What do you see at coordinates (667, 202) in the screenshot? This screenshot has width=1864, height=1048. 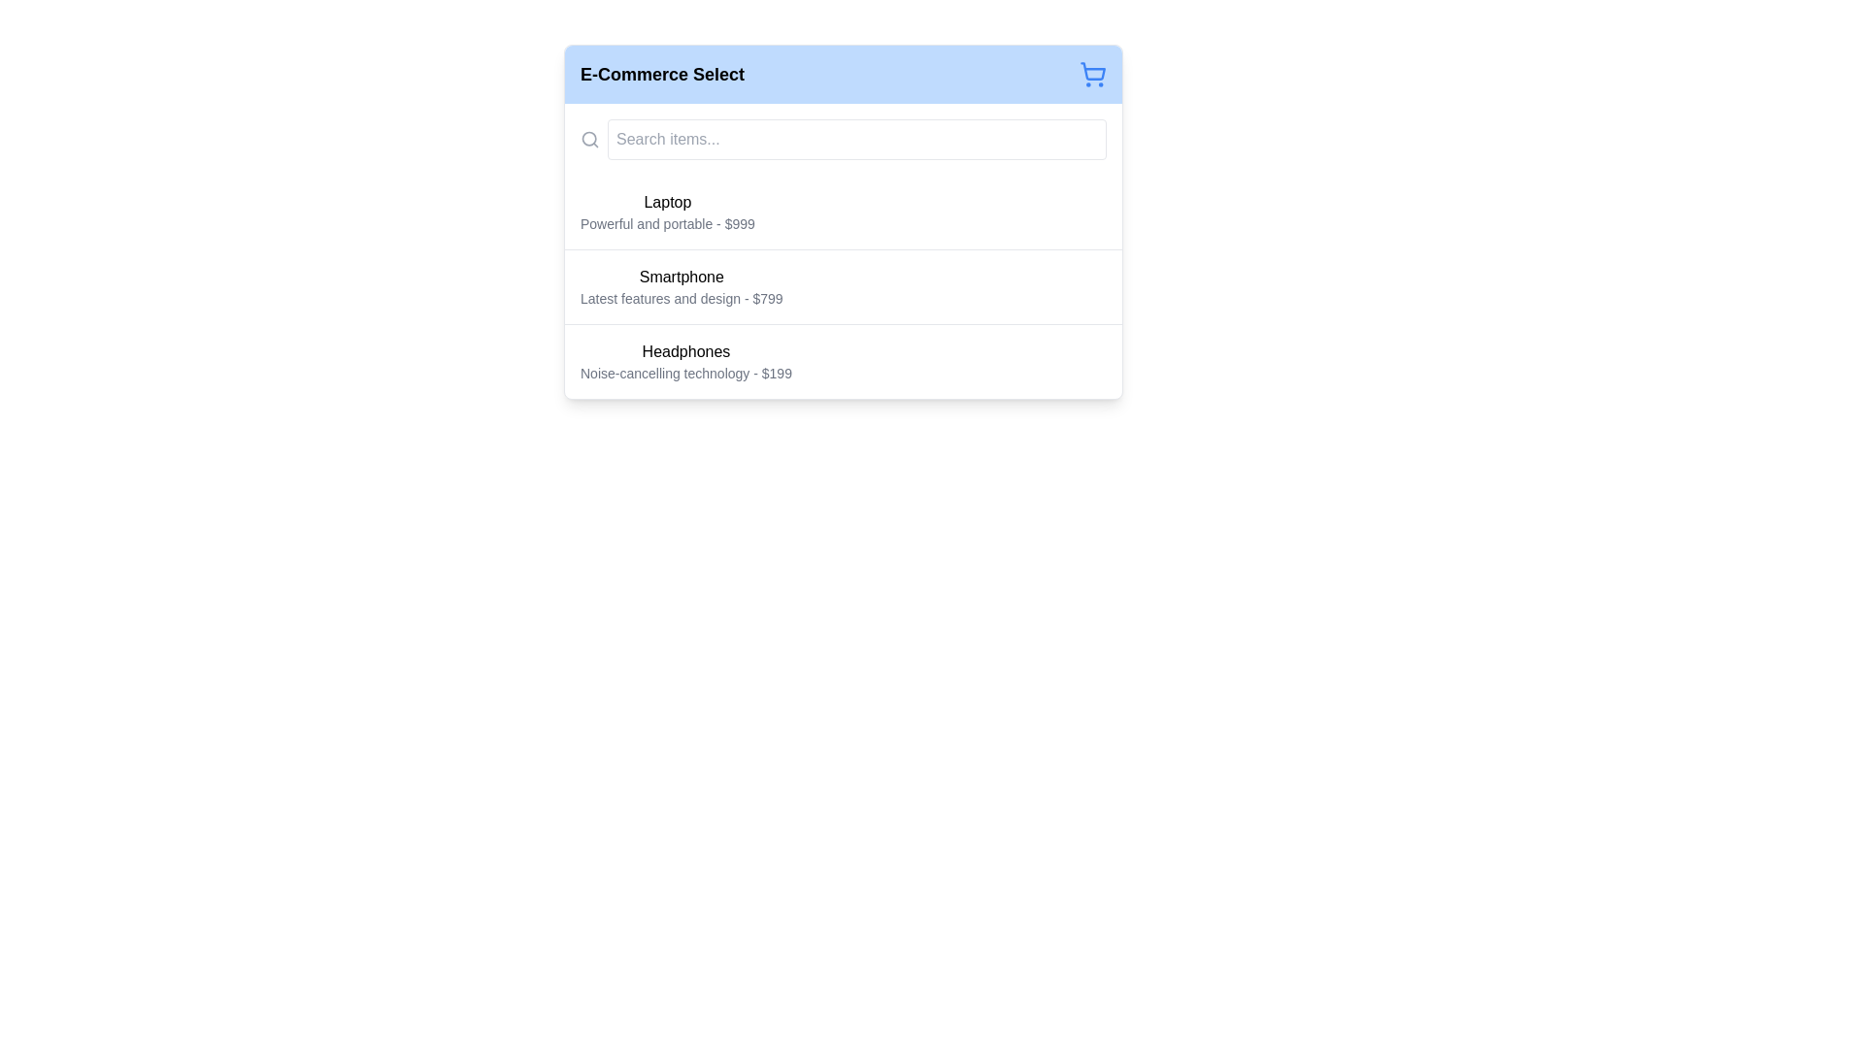 I see `the title text label for the product category in the e-commerce selection list, located near the top-left corner of the interface, above the subtitle 'Powerful and portable - $999'` at bounding box center [667, 202].